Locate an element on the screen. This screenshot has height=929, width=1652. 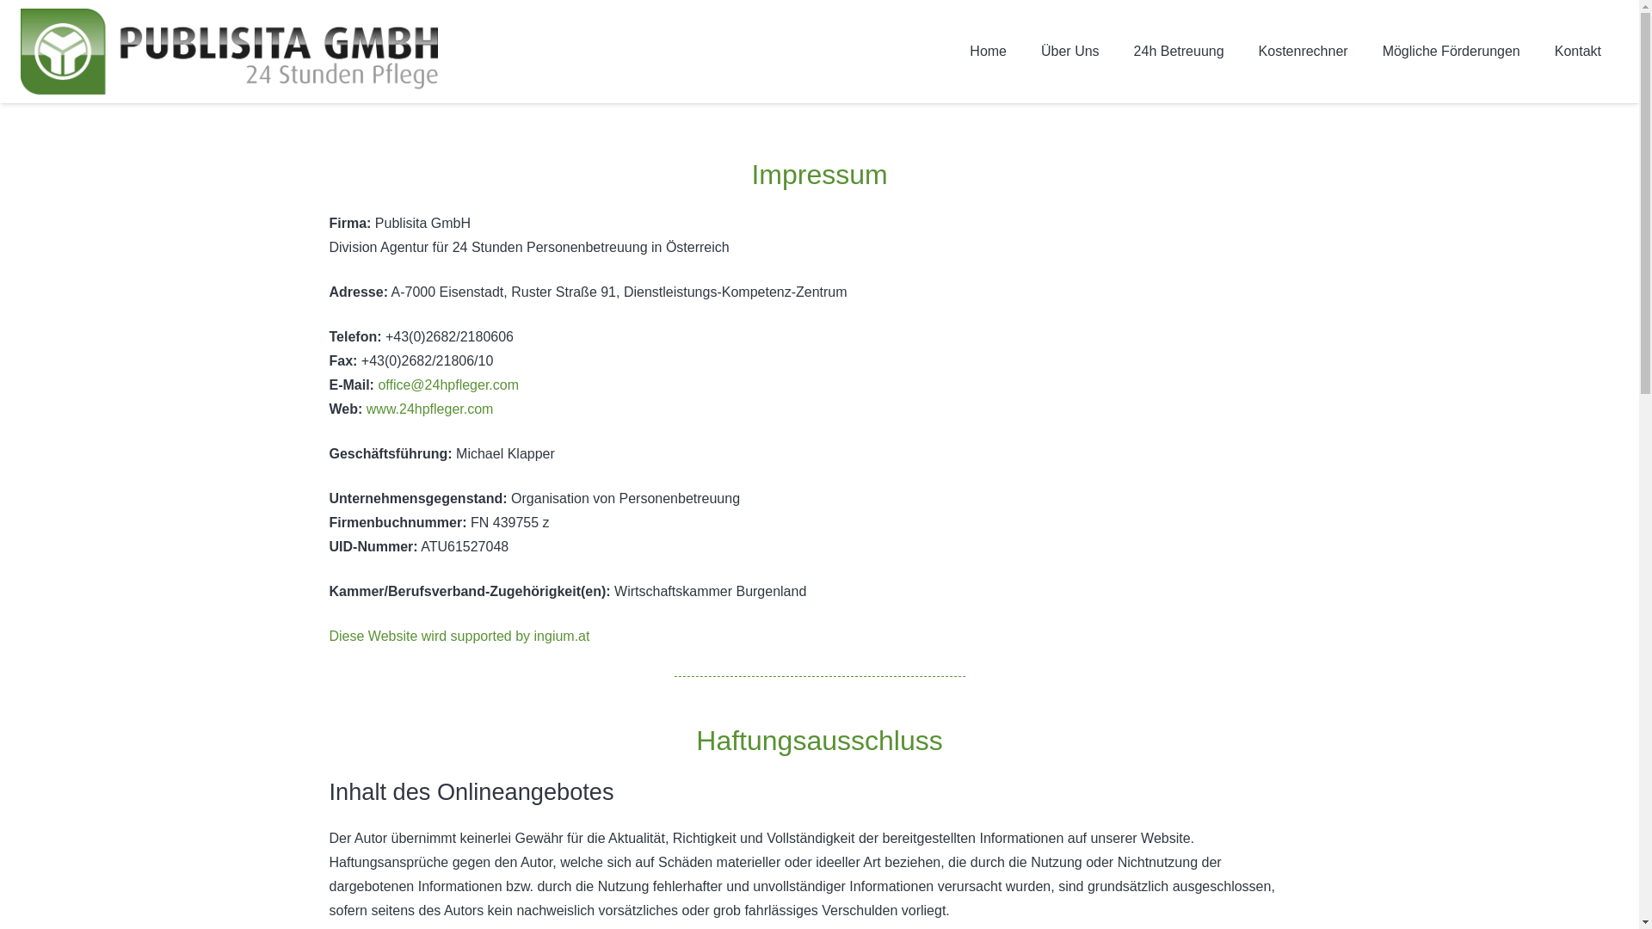
'Home' is located at coordinates (988, 51).